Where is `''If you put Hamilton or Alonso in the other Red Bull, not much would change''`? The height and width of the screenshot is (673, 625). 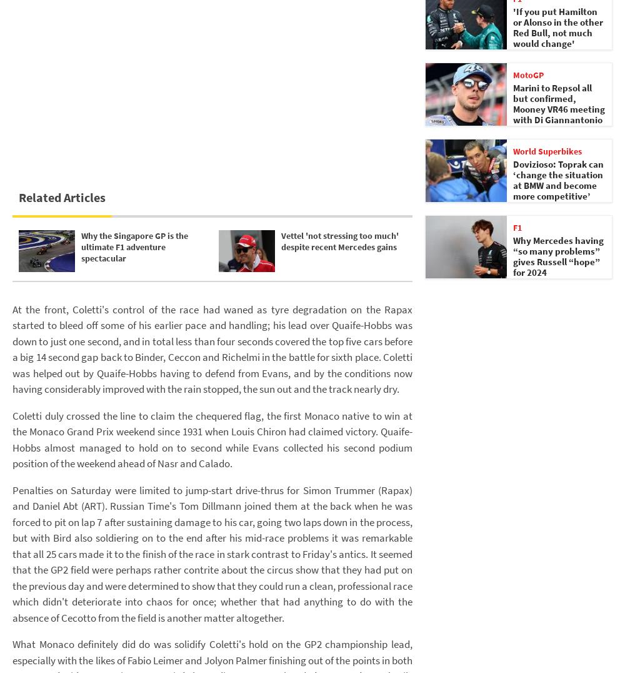 ''If you put Hamilton or Alonso in the other Red Bull, not much would change'' is located at coordinates (558, 27).